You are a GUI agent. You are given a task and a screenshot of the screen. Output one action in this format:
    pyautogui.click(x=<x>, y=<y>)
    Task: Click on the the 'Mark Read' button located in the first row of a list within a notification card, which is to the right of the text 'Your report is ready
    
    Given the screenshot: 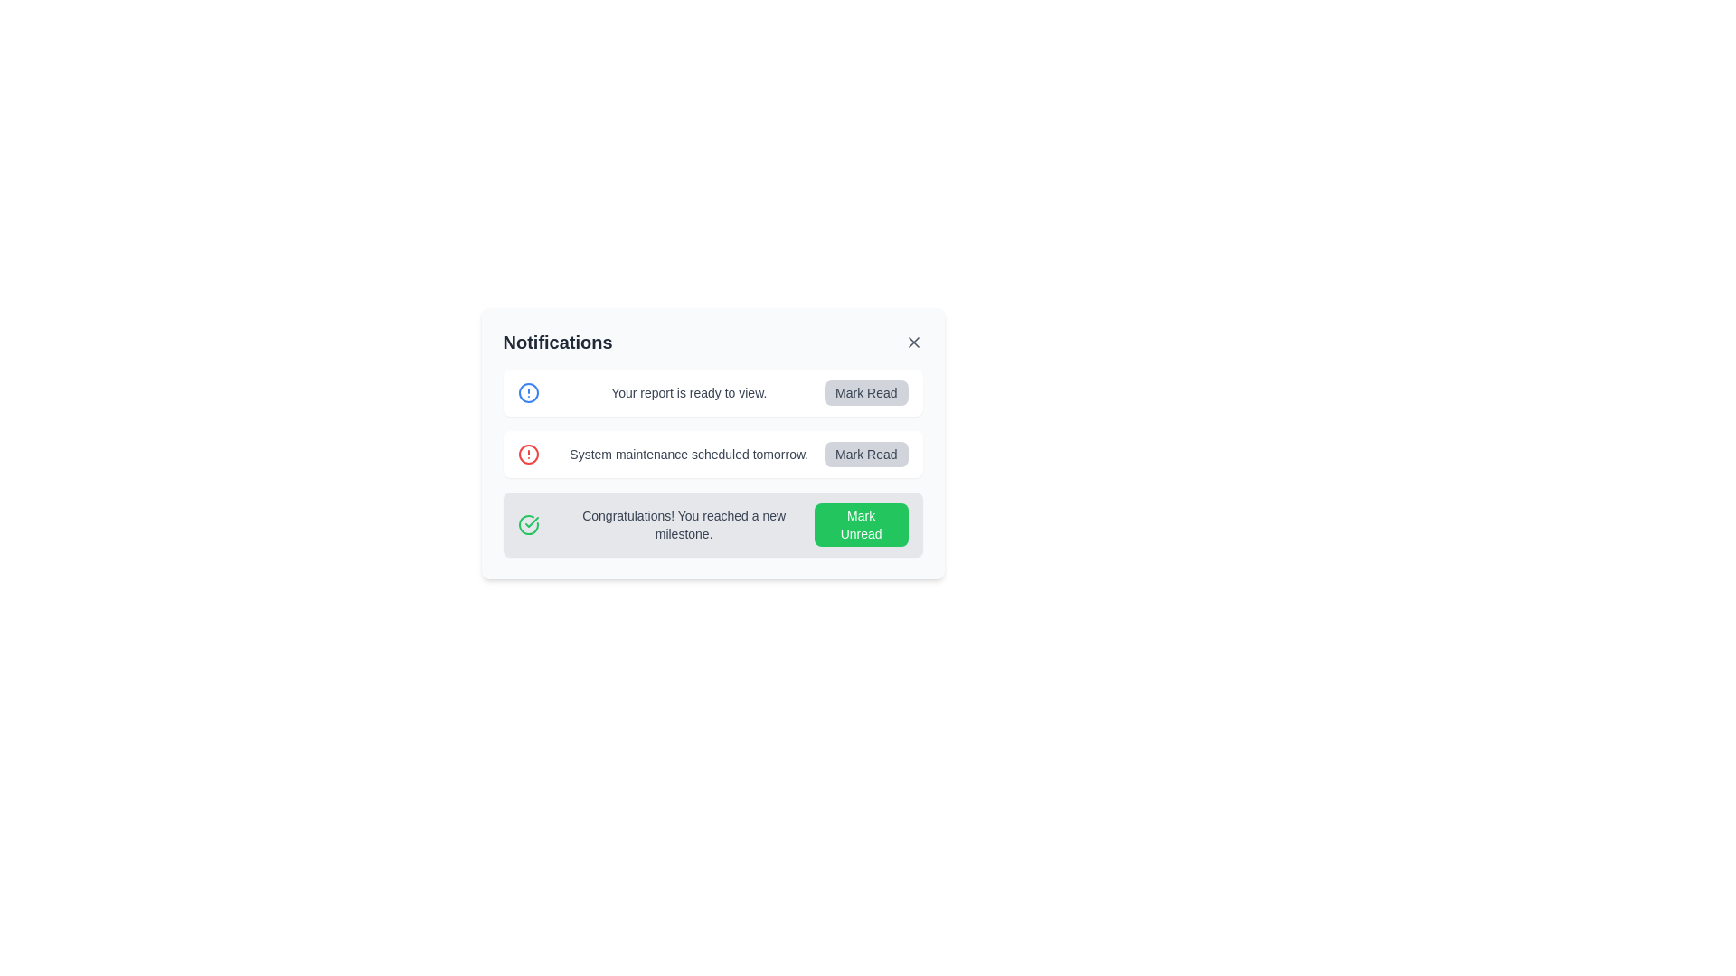 What is the action you would take?
    pyautogui.click(x=865, y=392)
    